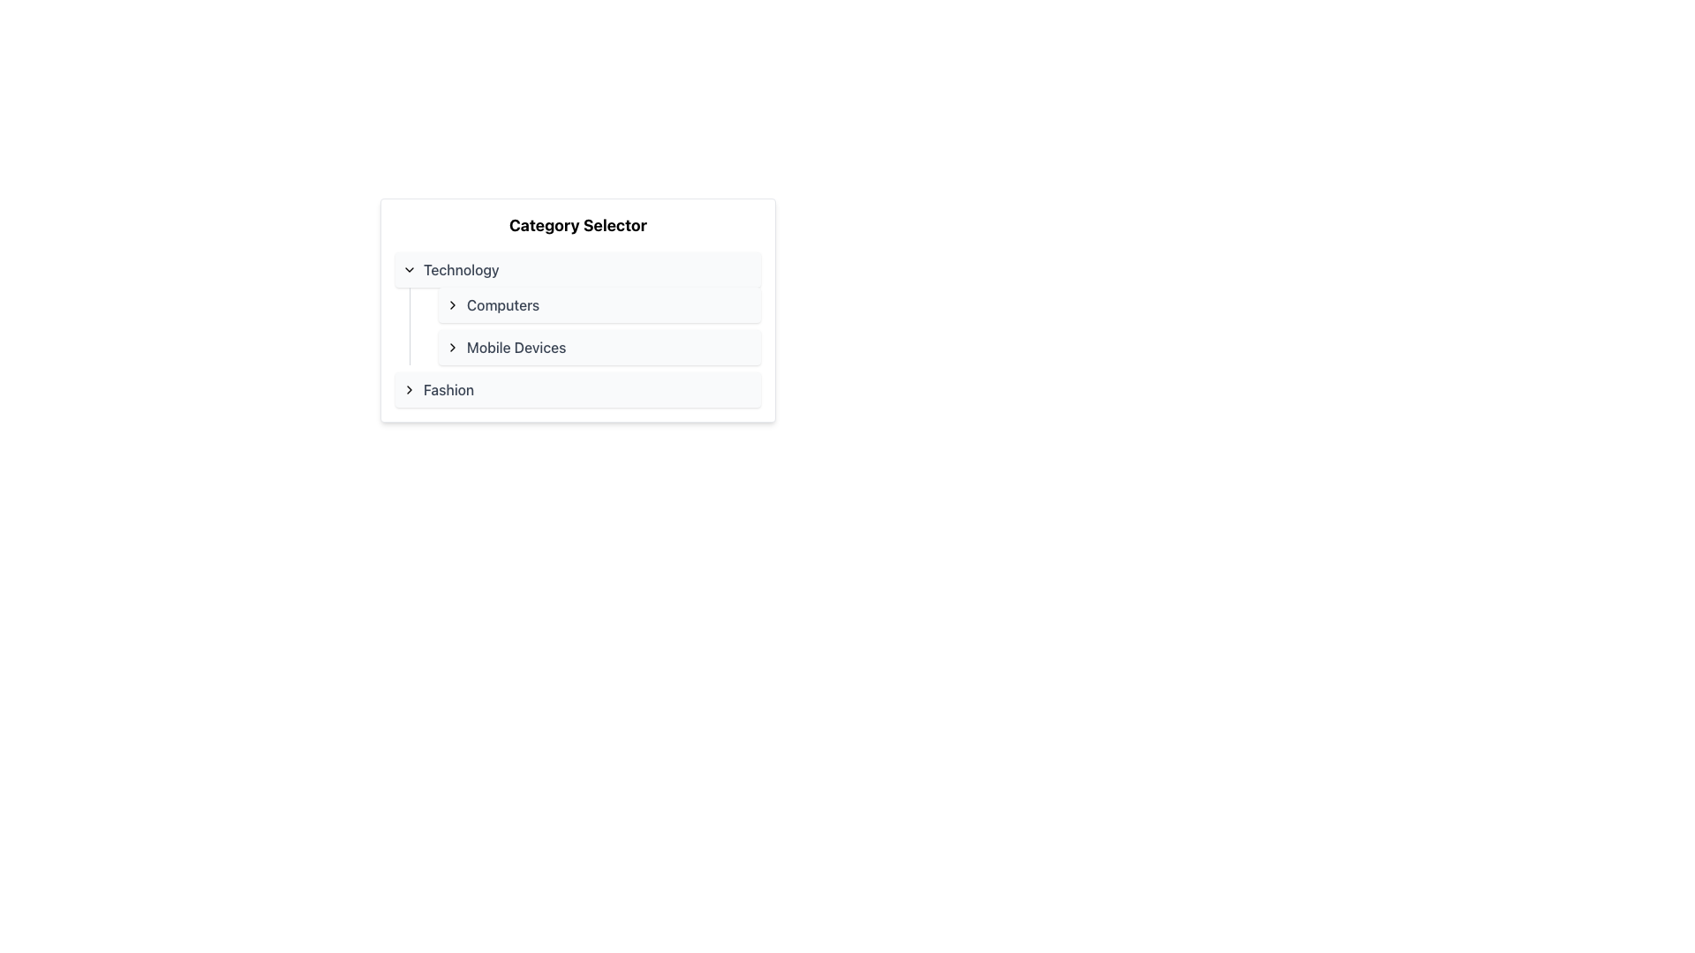 Image resolution: width=1695 pixels, height=953 pixels. Describe the element at coordinates (577, 389) in the screenshot. I see `the 'Fashion' category item in the Category Selector section` at that location.